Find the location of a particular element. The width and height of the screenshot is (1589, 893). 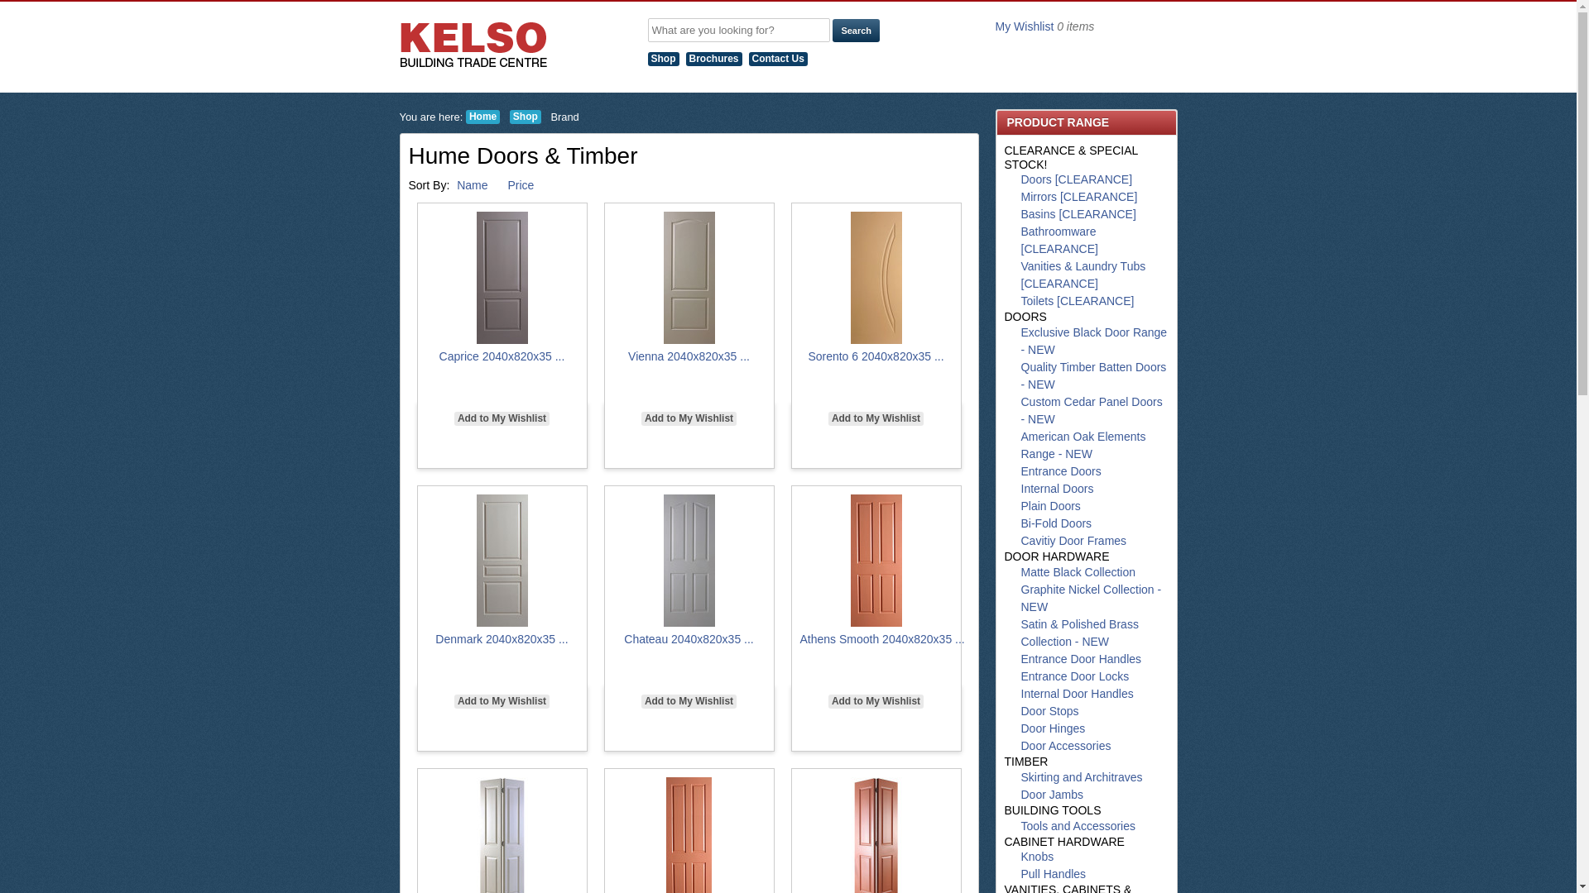

'Satin & Polished Brass Collection - NEW' is located at coordinates (1080, 633).